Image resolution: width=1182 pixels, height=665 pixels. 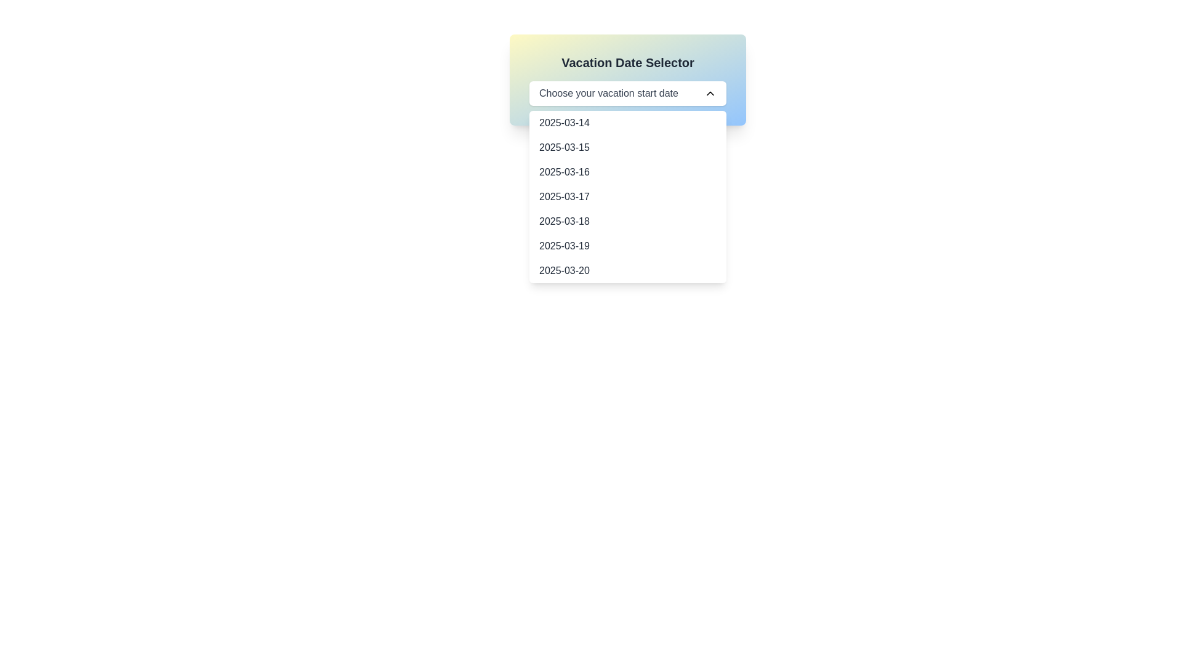 I want to click on the dropdown option displaying '2025-03-15', so click(x=563, y=147).